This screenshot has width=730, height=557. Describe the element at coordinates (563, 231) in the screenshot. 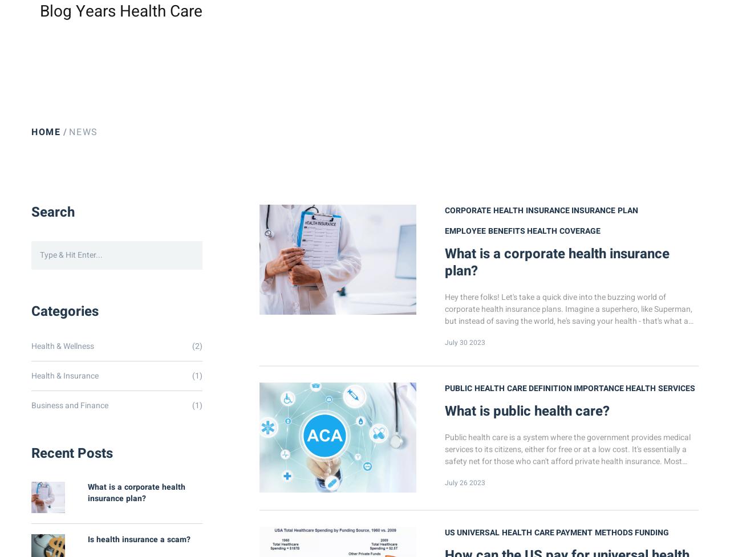

I see `'health coverage'` at that location.